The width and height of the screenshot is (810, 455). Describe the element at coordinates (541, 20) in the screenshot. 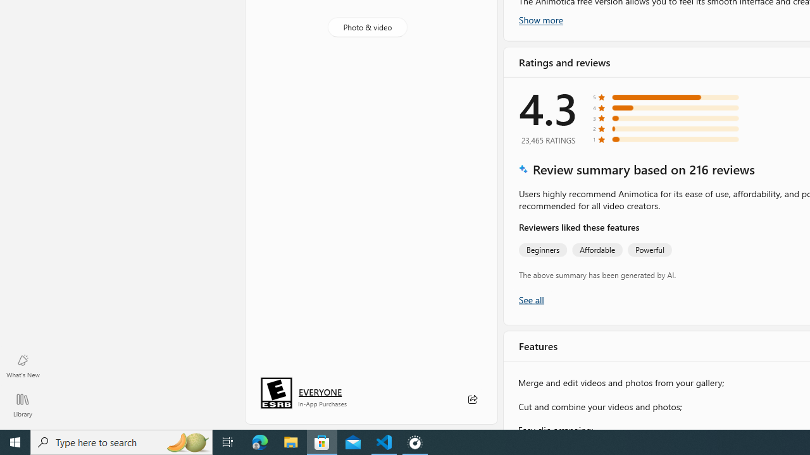

I see `'Show more'` at that location.